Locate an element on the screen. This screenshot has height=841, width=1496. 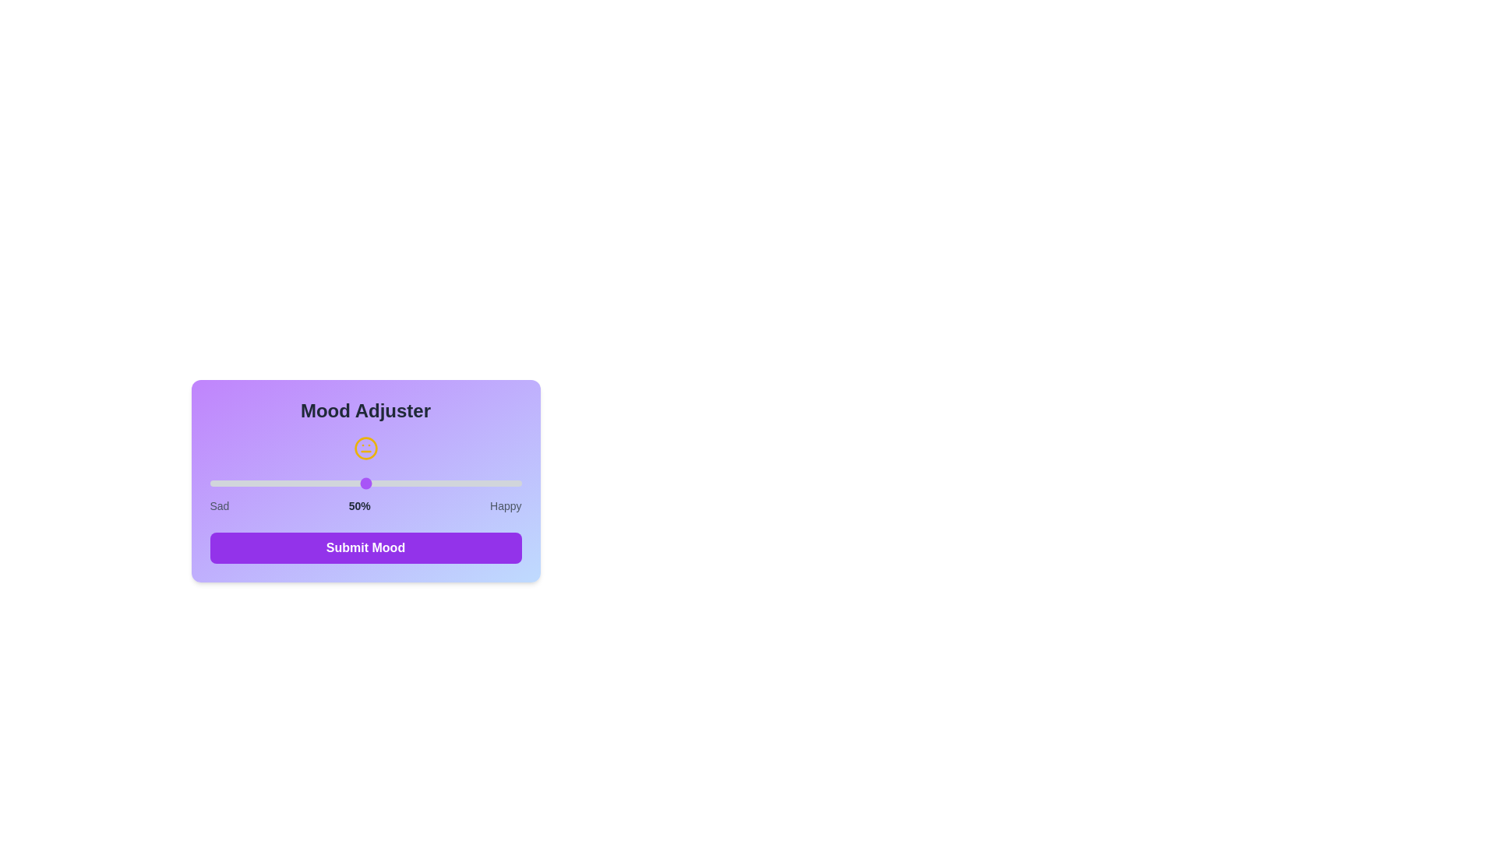
the mood slider to 35% to observe the mood icon change is located at coordinates (318, 483).